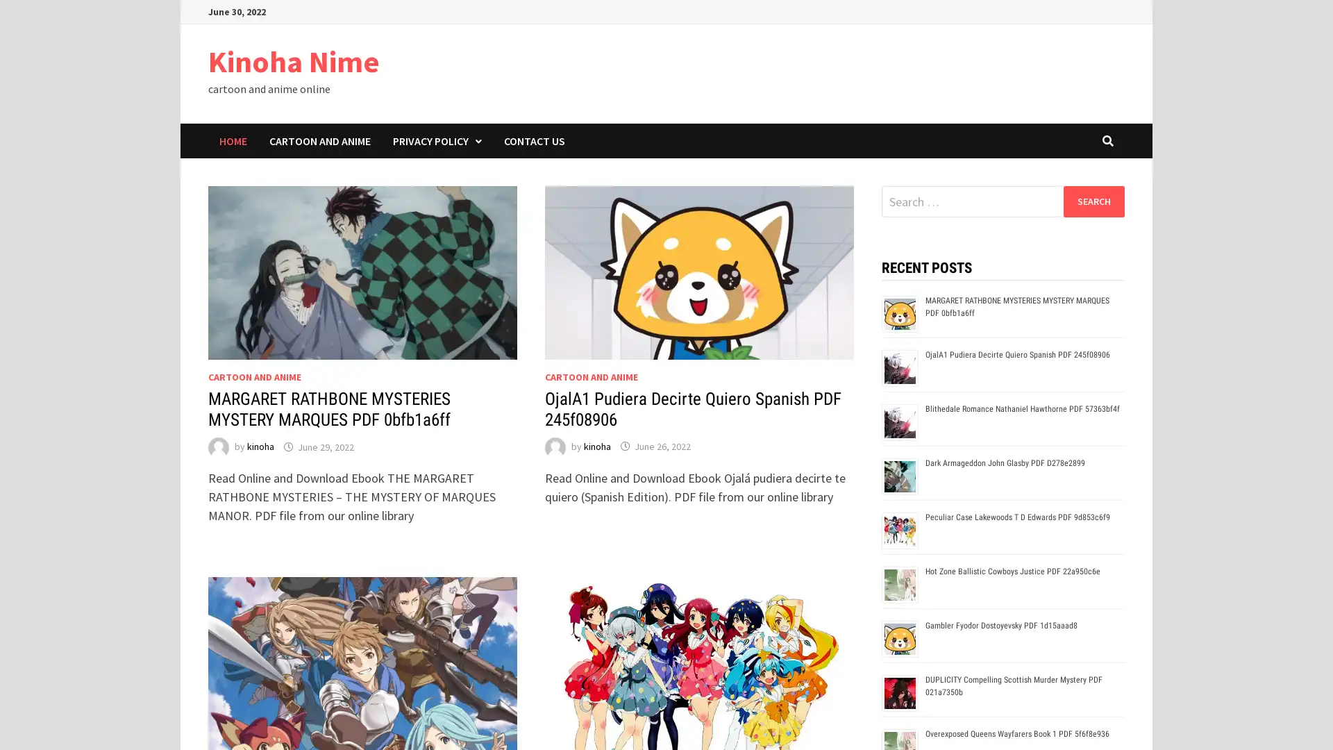 Image resolution: width=1333 pixels, height=750 pixels. I want to click on Search, so click(1093, 201).